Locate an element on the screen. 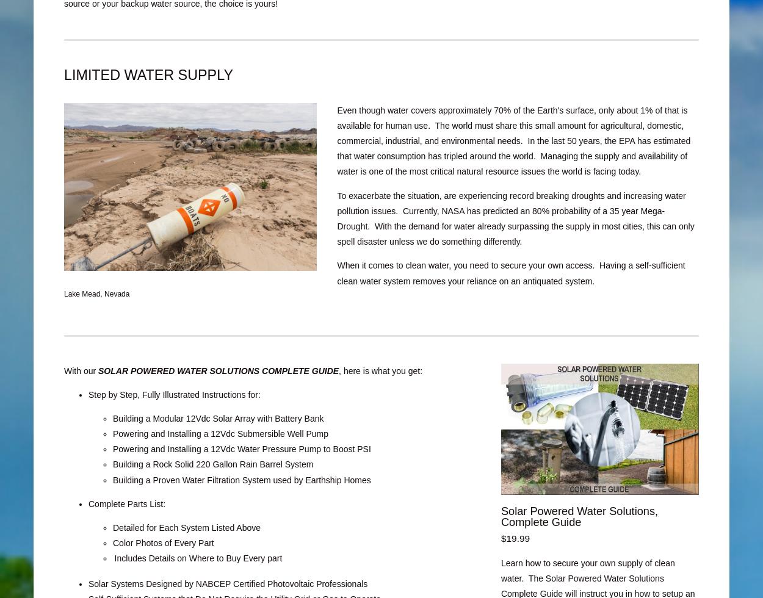  'To exacerbate the situation, are experiencing' is located at coordinates (421, 195).